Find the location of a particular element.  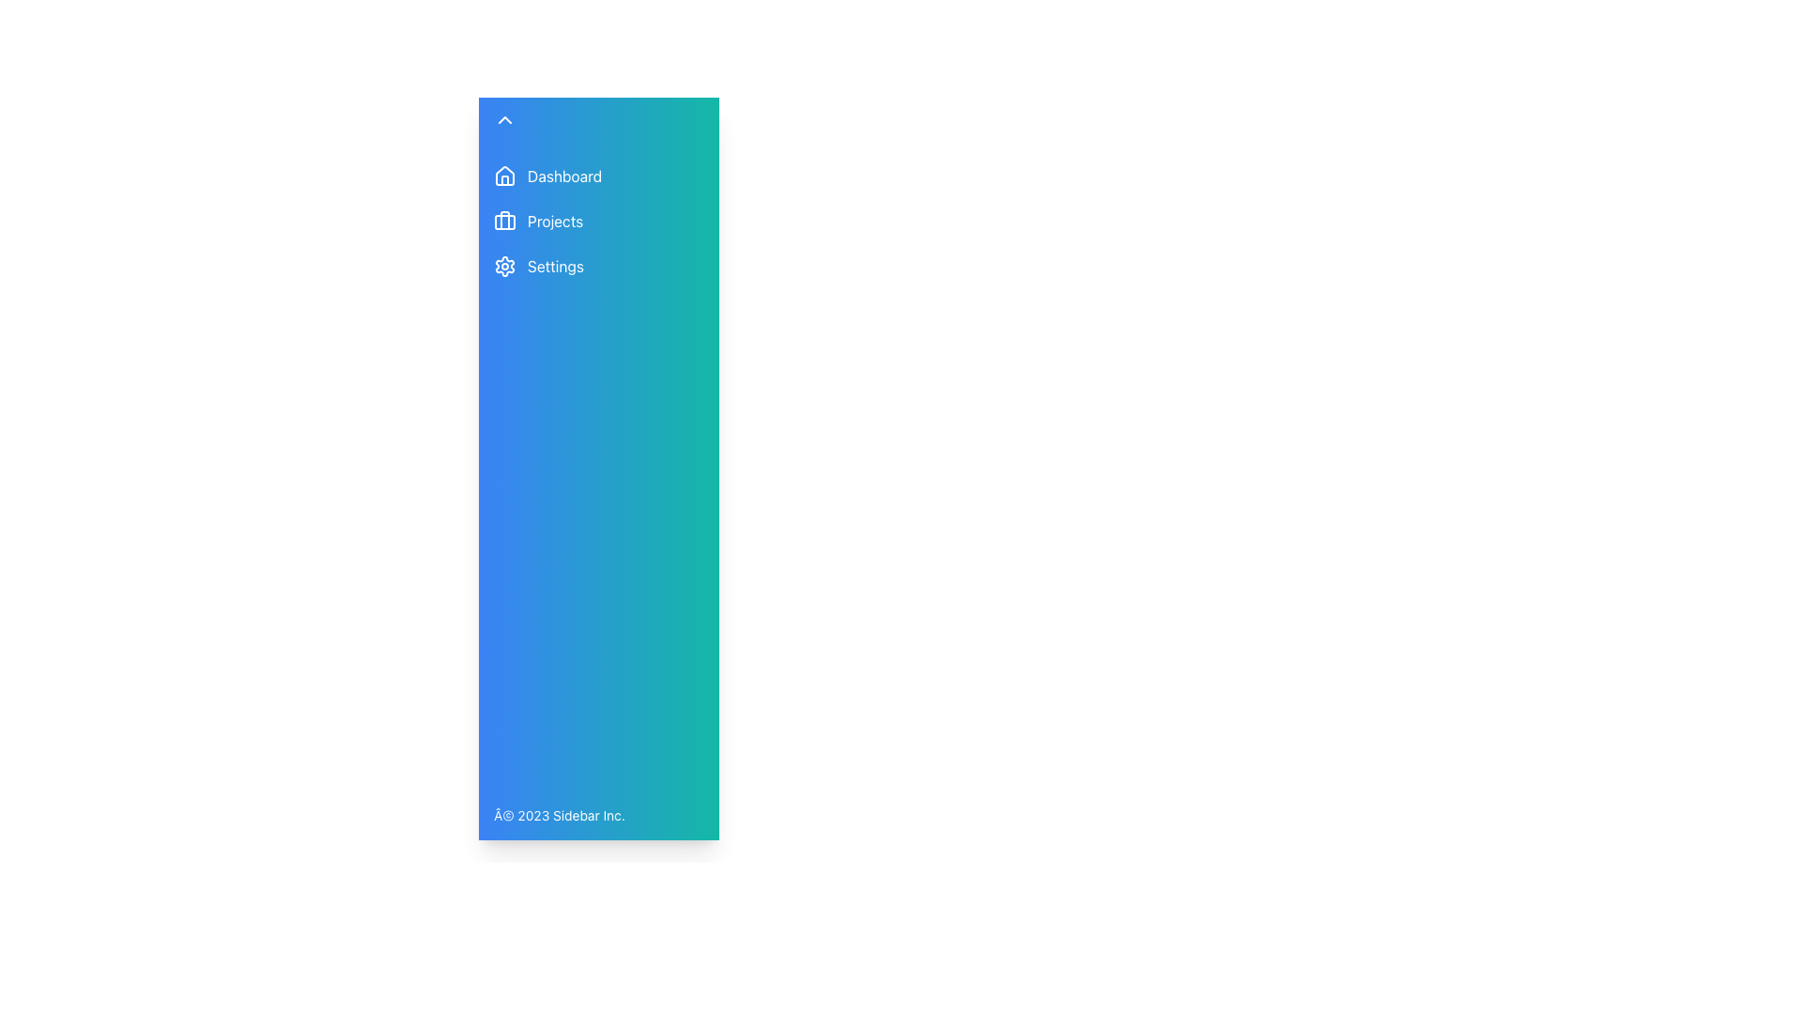

the decorative icon representing the 'Dashboard' menu item located at the top of the vertically arranged side menu, aligned with the text 'Dashboard' is located at coordinates (504, 177).